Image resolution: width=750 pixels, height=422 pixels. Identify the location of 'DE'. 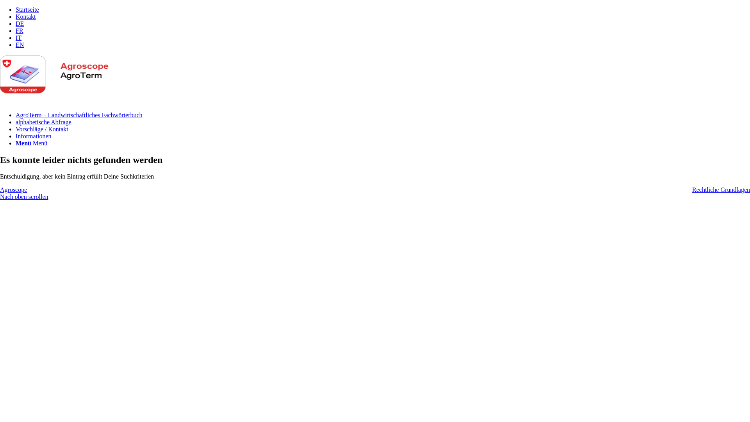
(20, 23).